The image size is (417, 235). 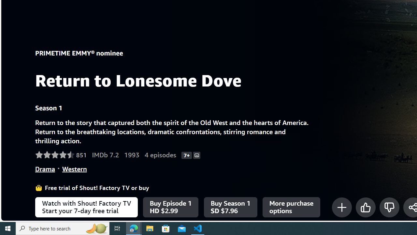 What do you see at coordinates (365, 207) in the screenshot?
I see `'Like'` at bounding box center [365, 207].